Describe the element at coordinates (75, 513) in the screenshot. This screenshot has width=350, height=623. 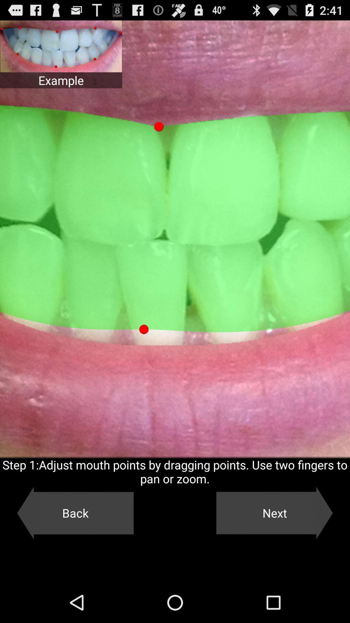
I see `the back` at that location.